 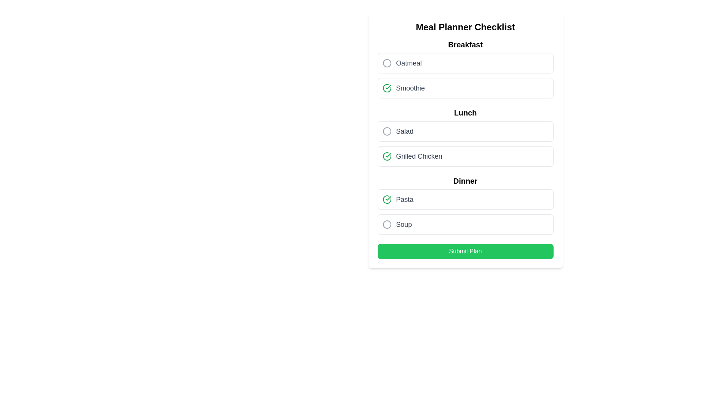 I want to click on text label heading that displays 'Breakfast', which is prominently styled in a large, bold font and serves as the first item under the 'Meal Planner Checklist', so click(x=465, y=45).